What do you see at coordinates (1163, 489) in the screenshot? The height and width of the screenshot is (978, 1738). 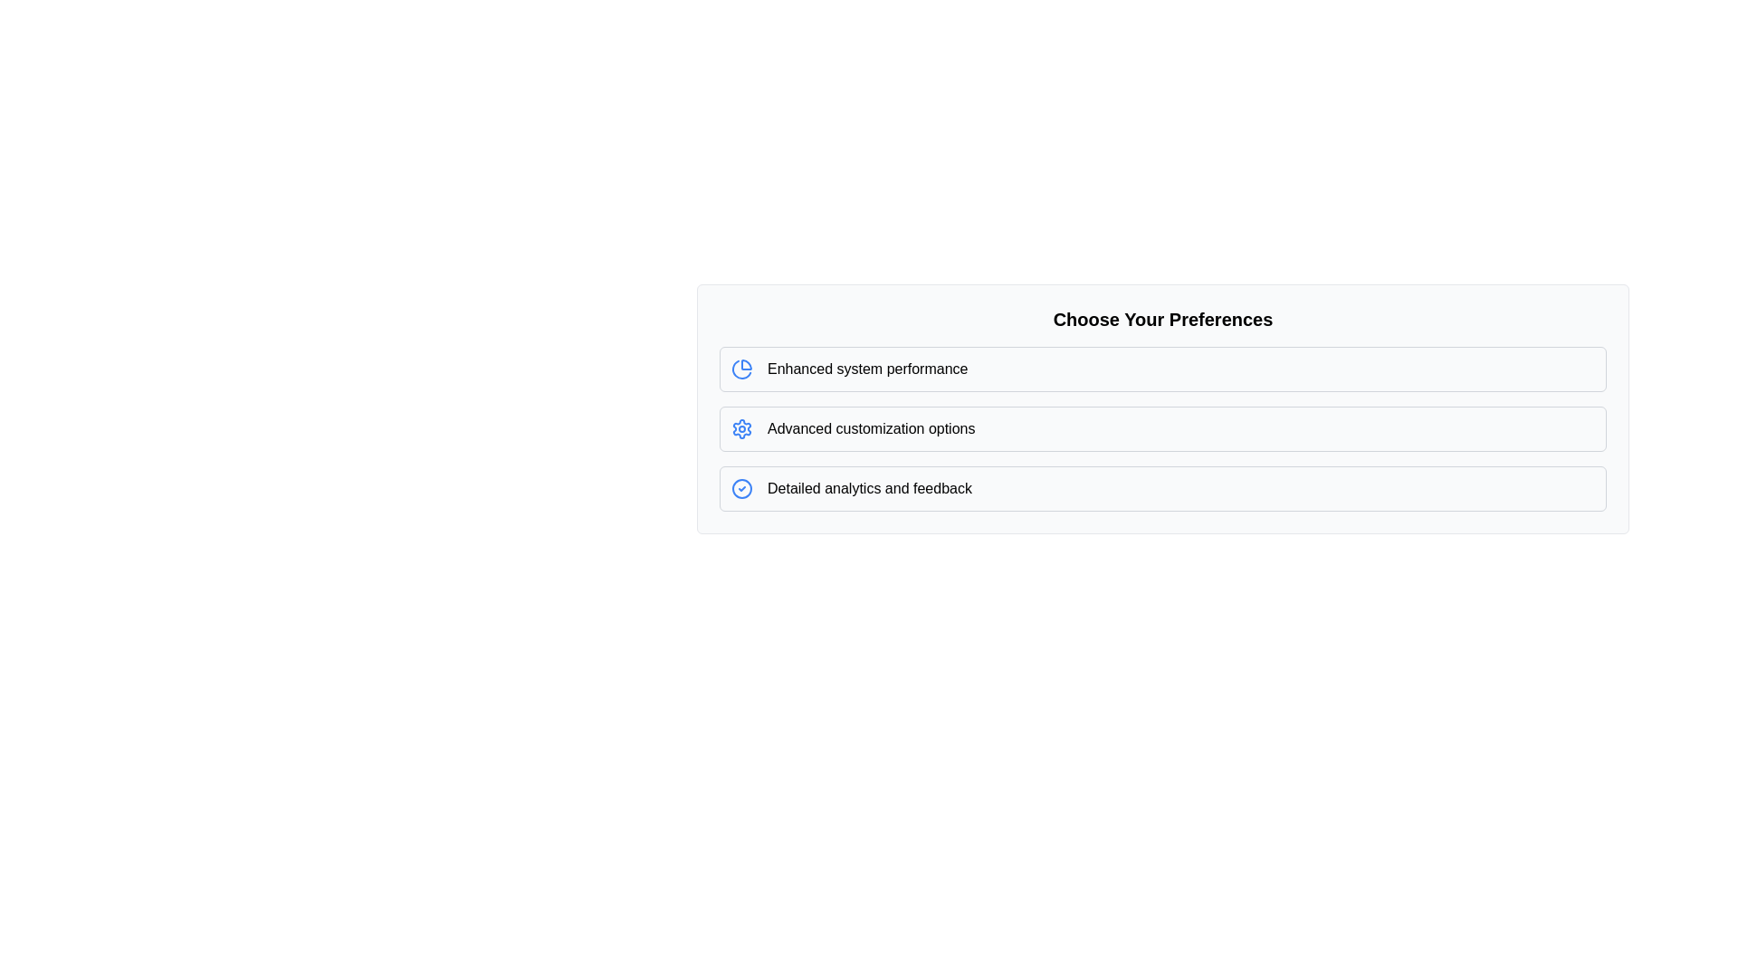 I see `the third item in the selectable list positioned beneath 'Advanced customization options'` at bounding box center [1163, 489].